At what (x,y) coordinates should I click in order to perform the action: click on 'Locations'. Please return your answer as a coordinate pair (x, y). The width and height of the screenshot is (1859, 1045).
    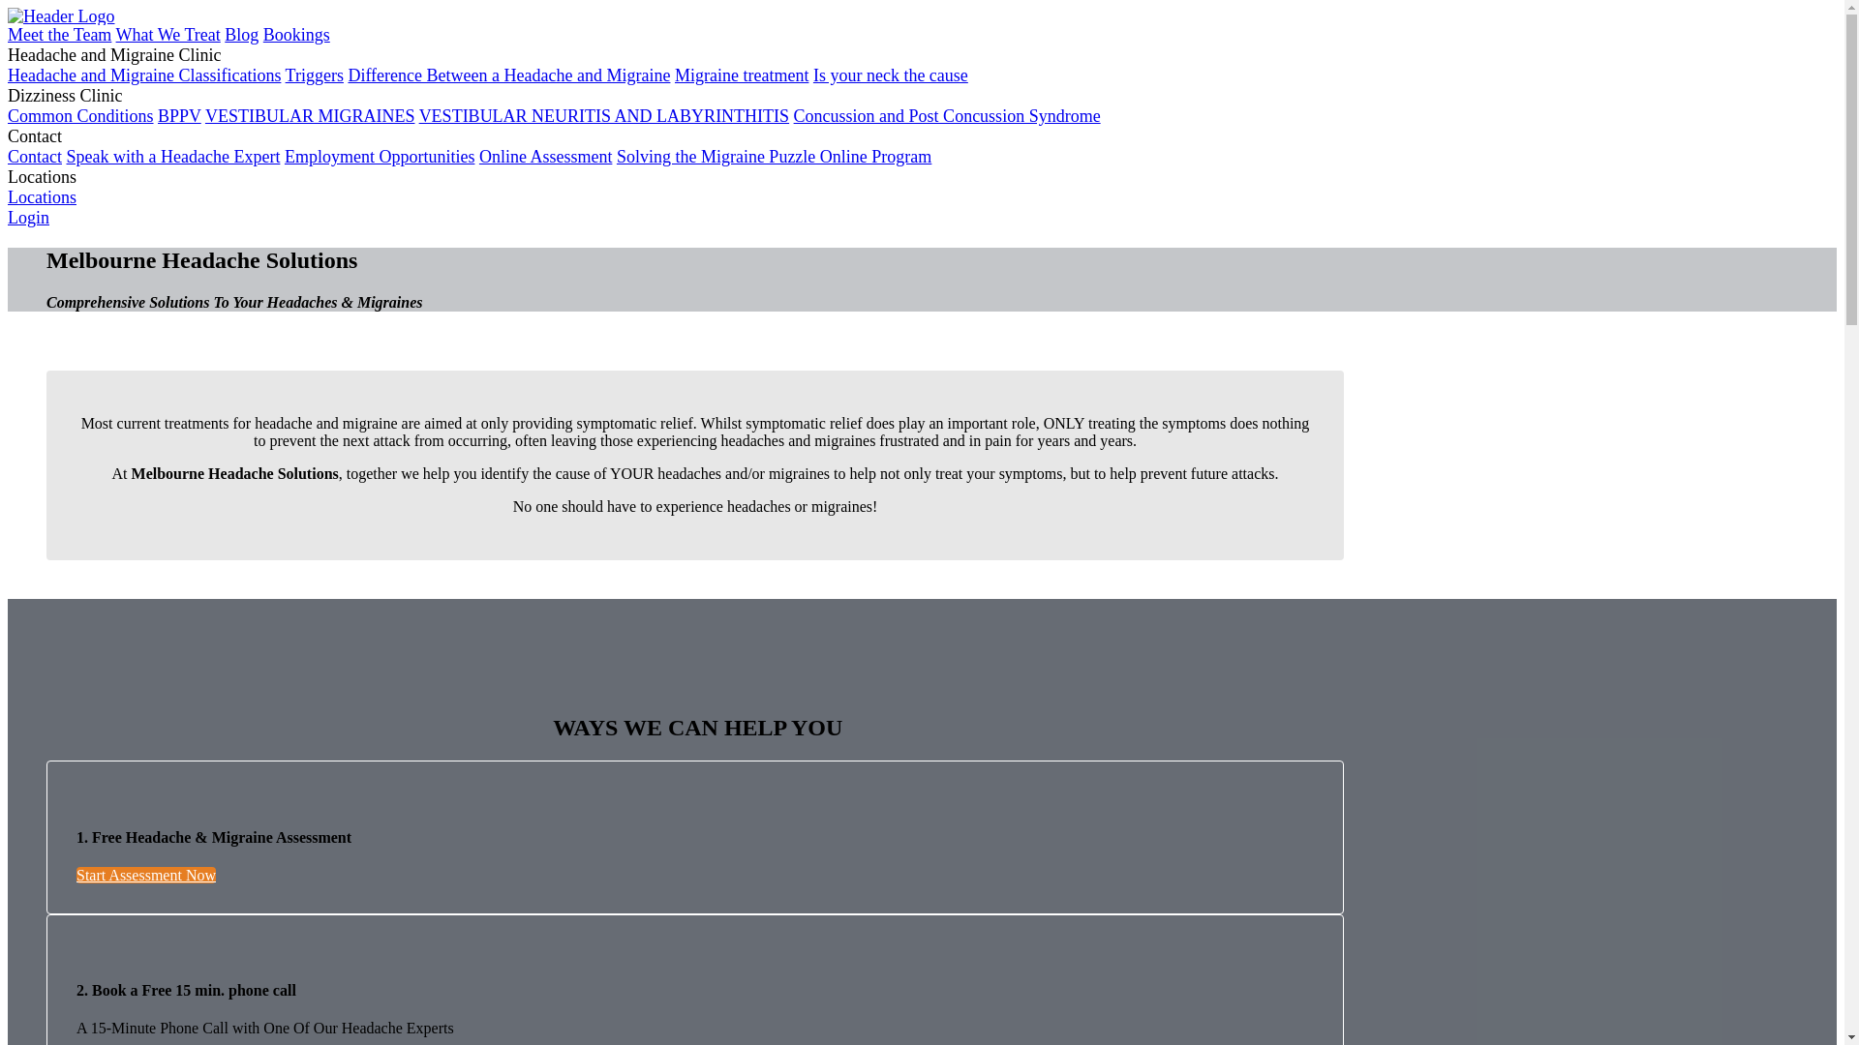
    Looking at the image, I should click on (42, 197).